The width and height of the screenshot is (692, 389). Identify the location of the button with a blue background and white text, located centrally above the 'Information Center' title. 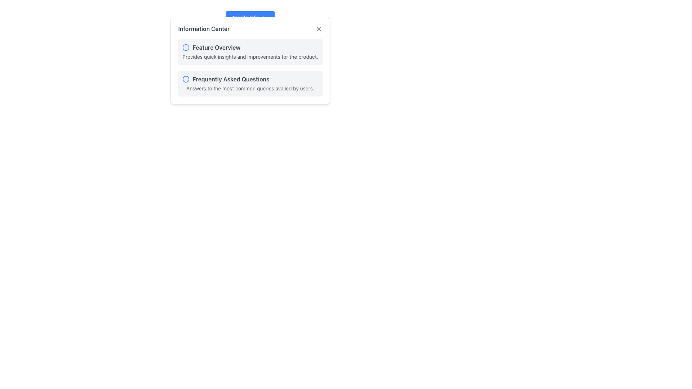
(250, 17).